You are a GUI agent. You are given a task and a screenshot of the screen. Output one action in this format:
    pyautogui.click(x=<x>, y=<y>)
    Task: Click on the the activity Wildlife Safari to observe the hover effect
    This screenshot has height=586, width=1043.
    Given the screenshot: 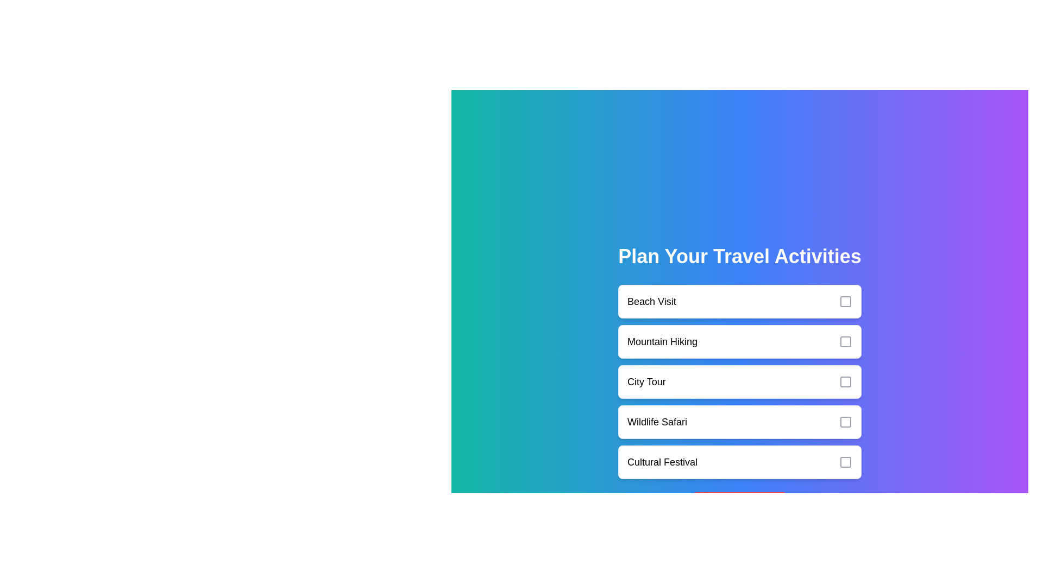 What is the action you would take?
    pyautogui.click(x=739, y=422)
    